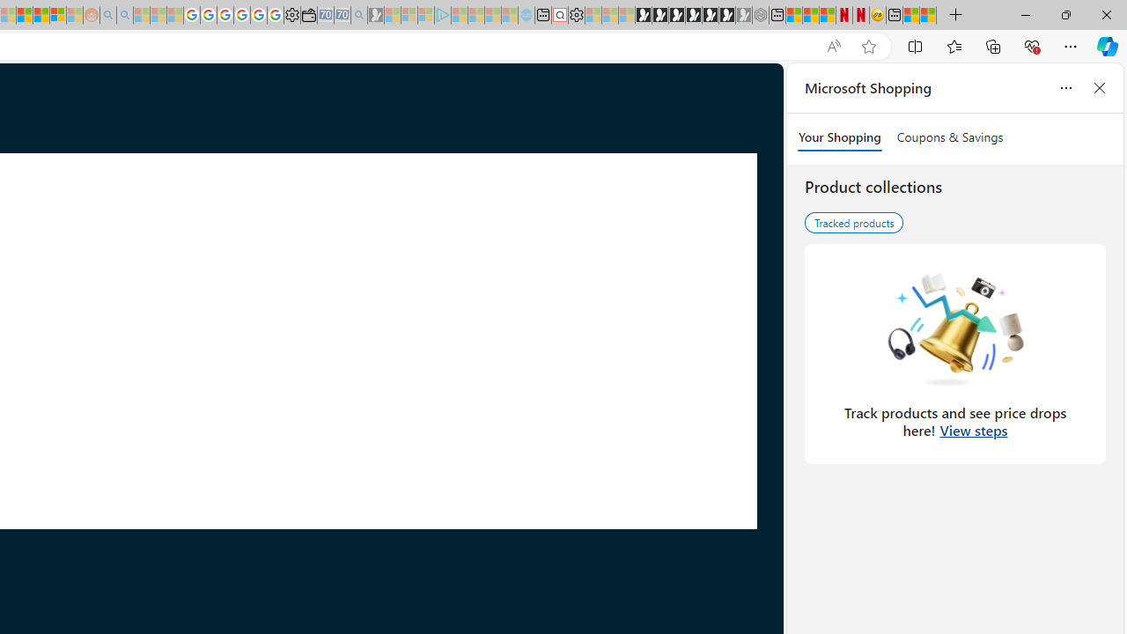 This screenshot has width=1127, height=634. I want to click on 'Home | Sky Blue Bikes - Sky Blue Bikes - Sleeping', so click(525, 15).